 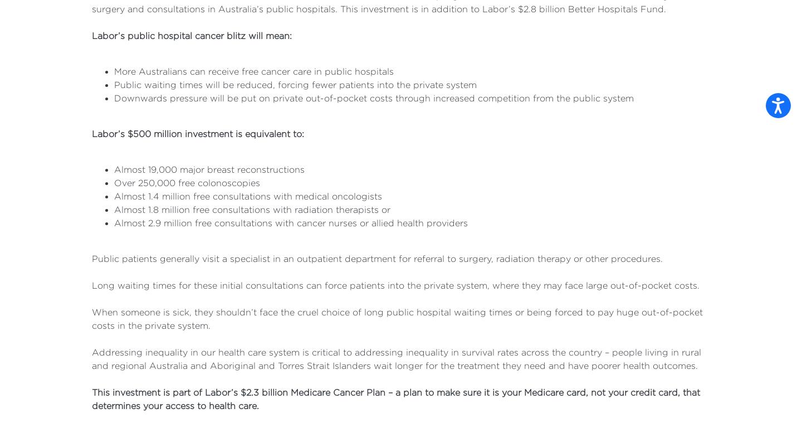 What do you see at coordinates (397, 318) in the screenshot?
I see `'When someone is sick, they shouldn’t face the cruel choice of long public hospital waiting times or being forced to pay huge out-of-pocket costs in the private system.'` at bounding box center [397, 318].